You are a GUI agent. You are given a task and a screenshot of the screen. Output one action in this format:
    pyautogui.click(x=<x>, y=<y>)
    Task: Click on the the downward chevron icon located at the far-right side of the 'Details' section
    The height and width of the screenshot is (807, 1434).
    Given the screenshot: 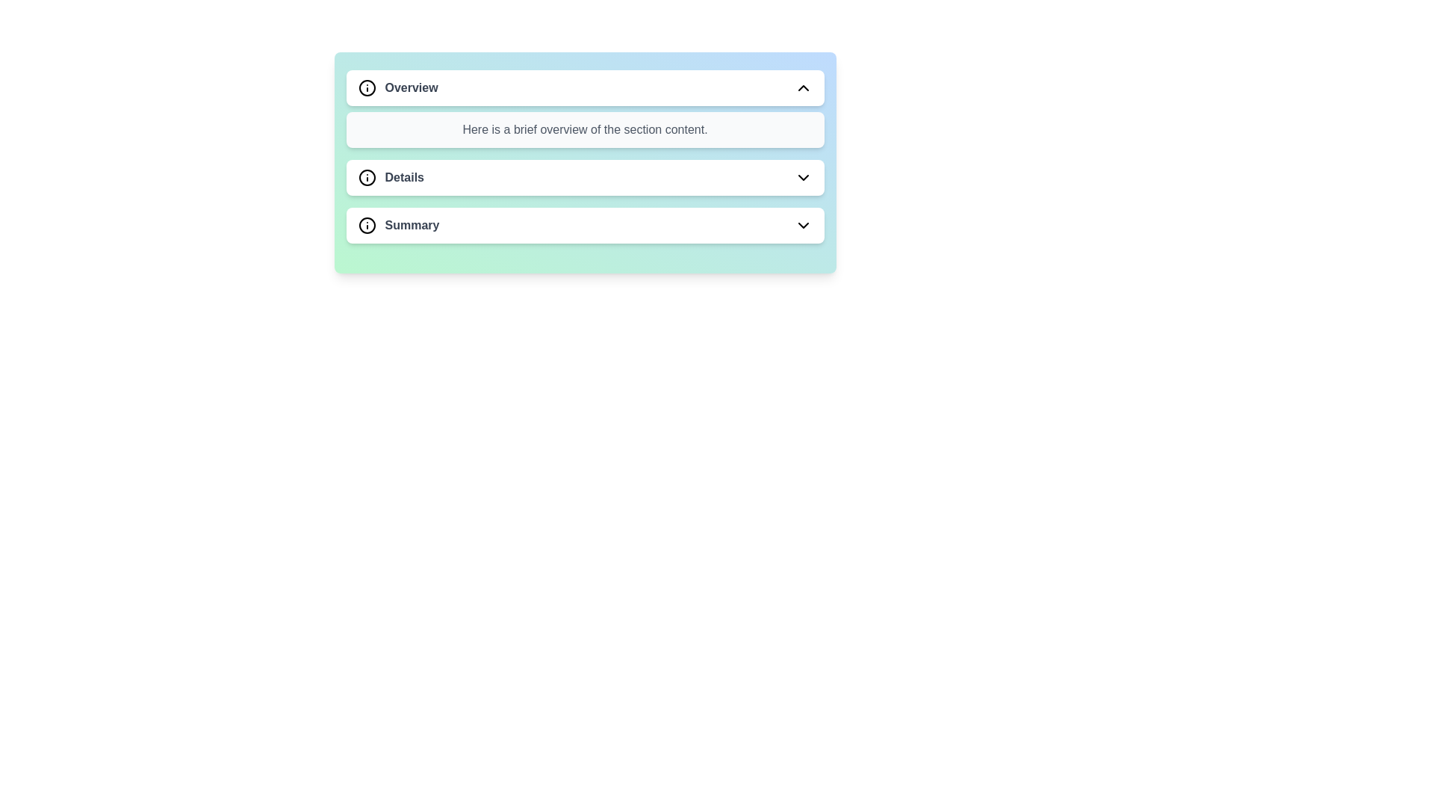 What is the action you would take?
    pyautogui.click(x=802, y=177)
    